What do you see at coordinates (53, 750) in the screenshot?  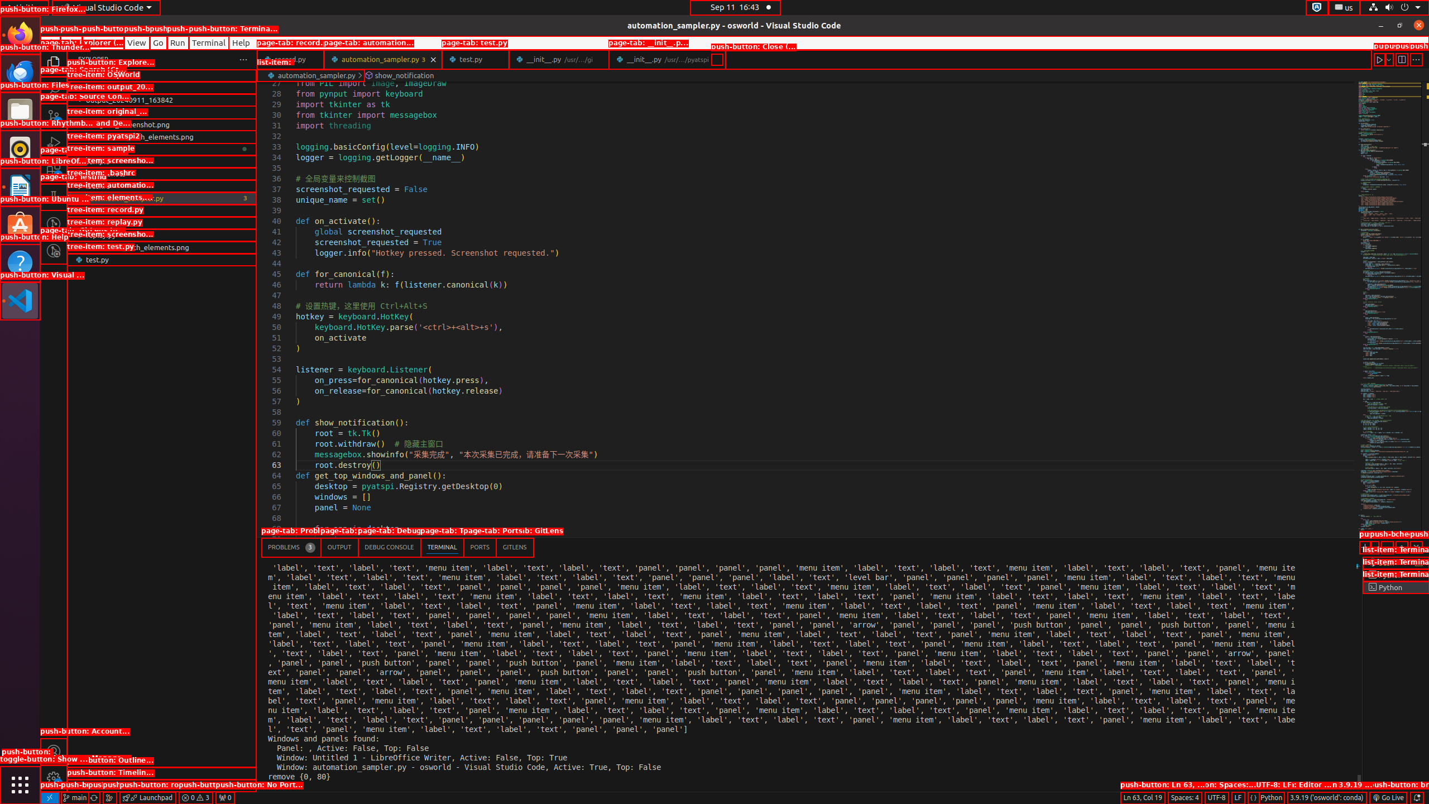 I see `'Accounts'` at bounding box center [53, 750].